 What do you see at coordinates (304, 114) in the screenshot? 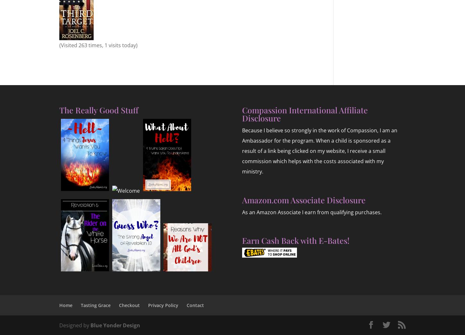
I see `'Compassion International Affiliate Disclosure'` at bounding box center [304, 114].